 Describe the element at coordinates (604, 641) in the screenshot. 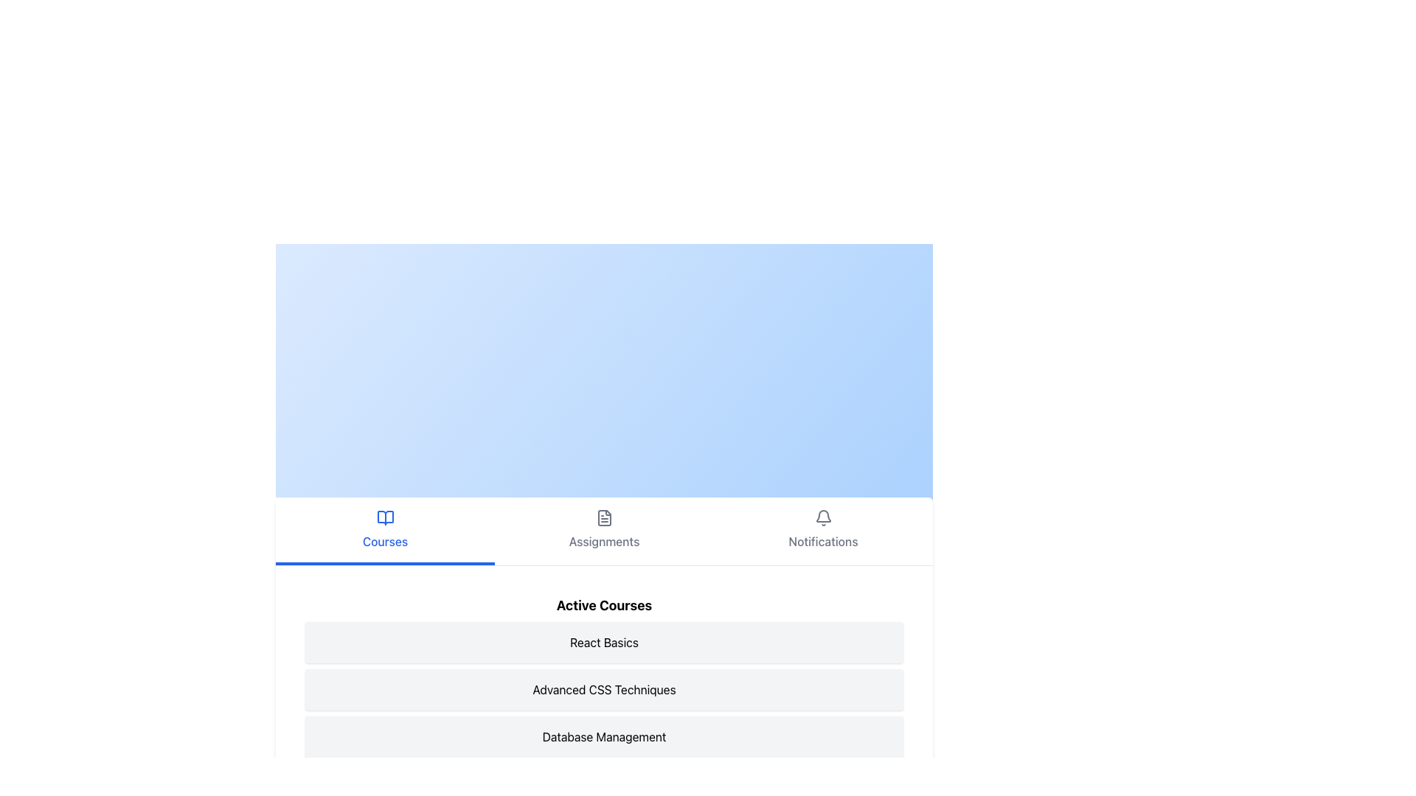

I see `the static text block indicating 'React Basics' in the list of active courses` at that location.